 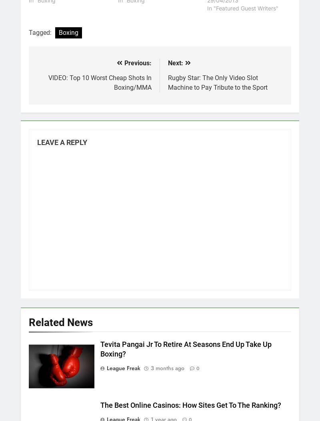 What do you see at coordinates (86, 122) in the screenshot?
I see `'The 2029 NRL Draw – Every Game, Every Club'` at bounding box center [86, 122].